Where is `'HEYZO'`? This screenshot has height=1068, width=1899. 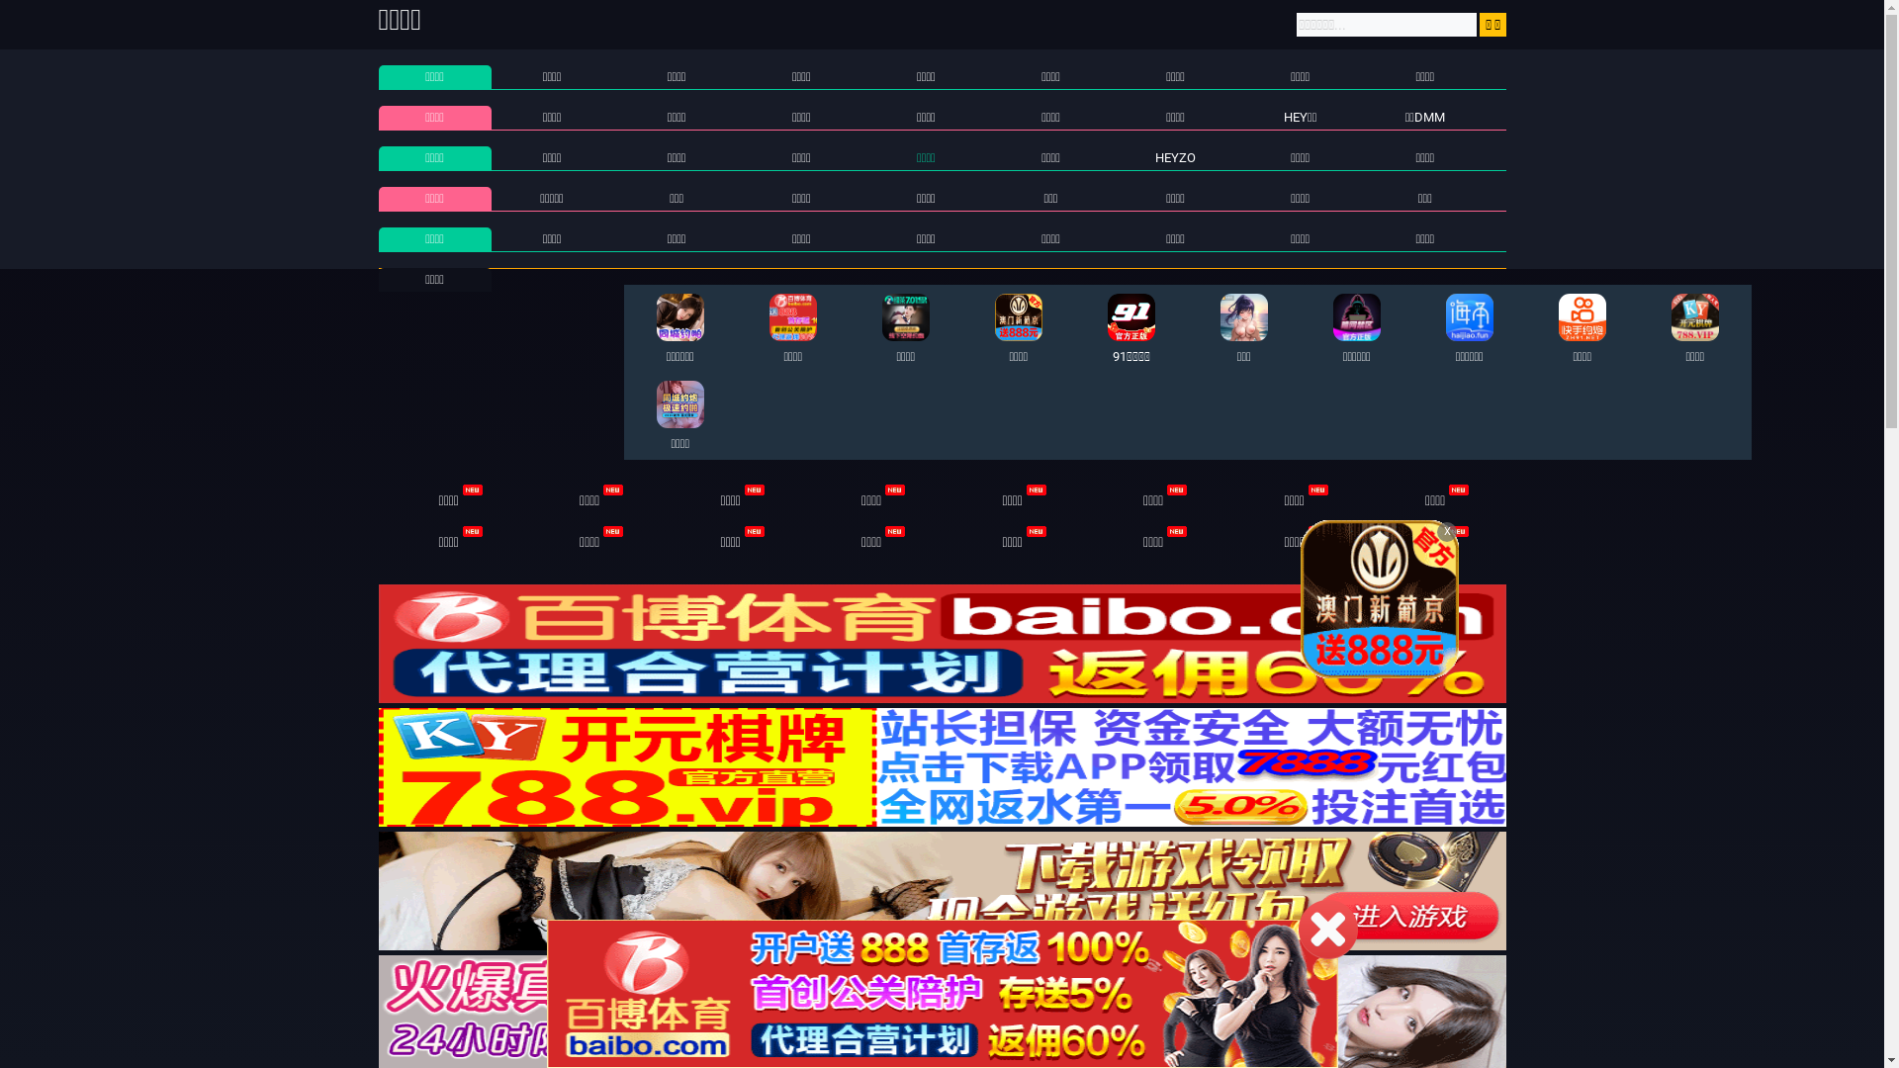 'HEYZO' is located at coordinates (1175, 156).